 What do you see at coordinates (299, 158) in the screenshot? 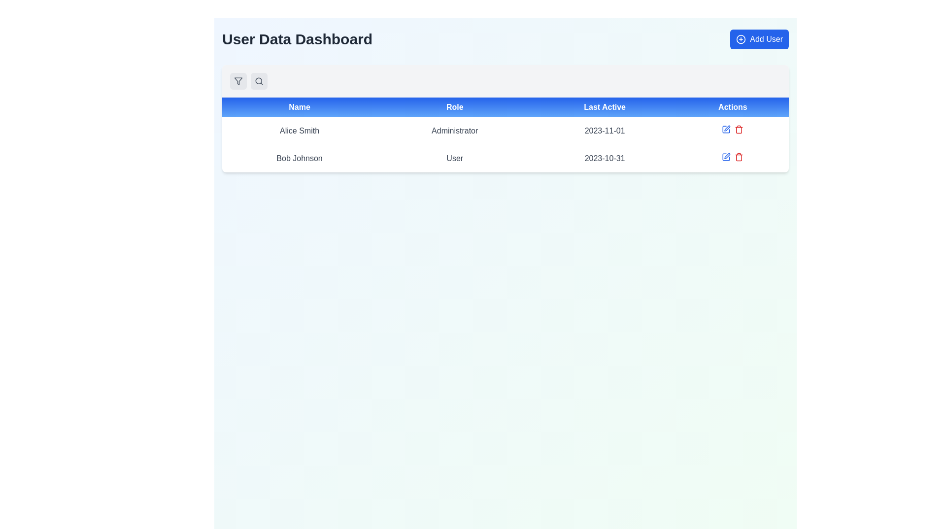
I see `the text label displaying 'Bob Johnson' located in the second row of the table under the 'Name' column` at bounding box center [299, 158].